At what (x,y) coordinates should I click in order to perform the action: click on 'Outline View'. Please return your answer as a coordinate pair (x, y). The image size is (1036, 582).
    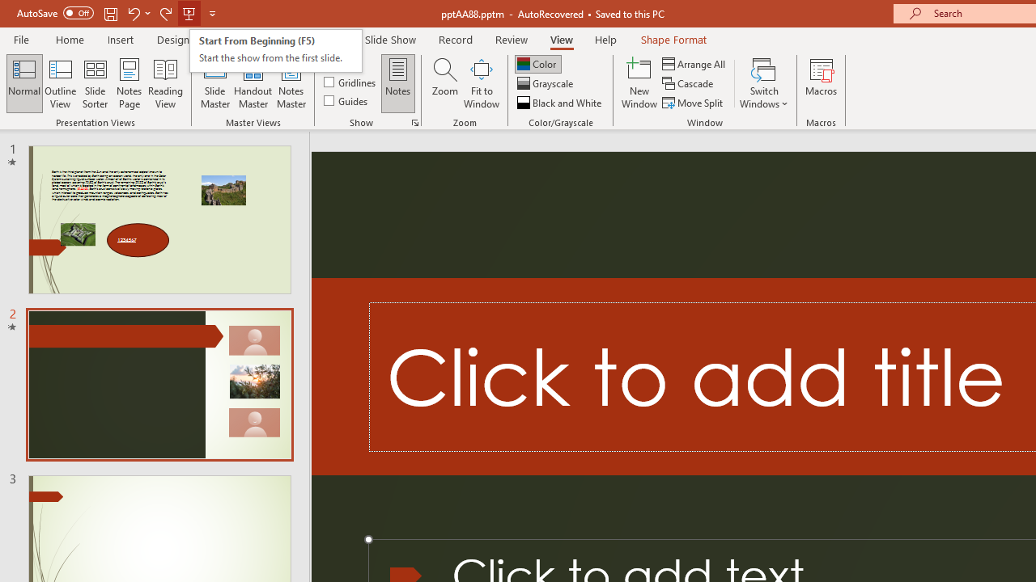
    Looking at the image, I should click on (60, 83).